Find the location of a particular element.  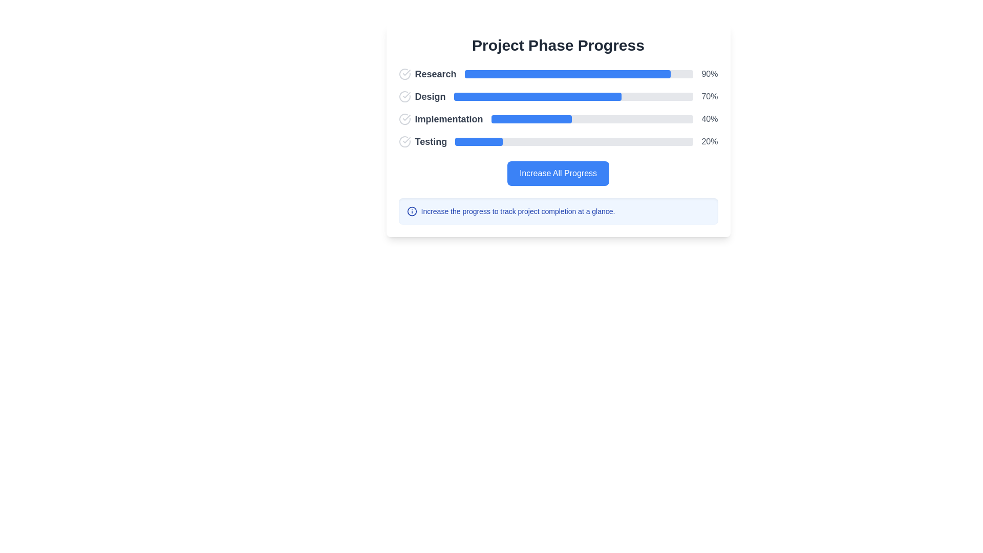

the text label displaying 'Implementation' which is styled with larger and bold font, located under 'Project Phase Progress' as the third item in the list is located at coordinates (449, 118).